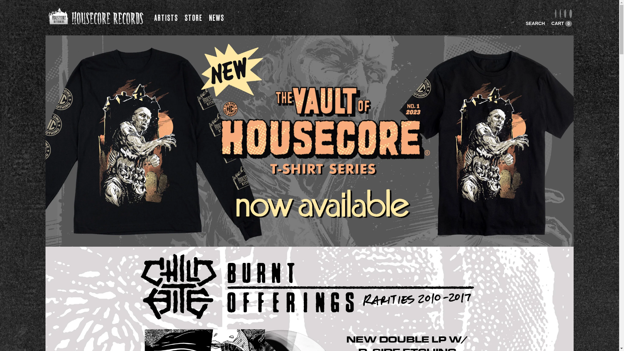 Image resolution: width=624 pixels, height=351 pixels. What do you see at coordinates (555, 14) in the screenshot?
I see `'facebook'` at bounding box center [555, 14].